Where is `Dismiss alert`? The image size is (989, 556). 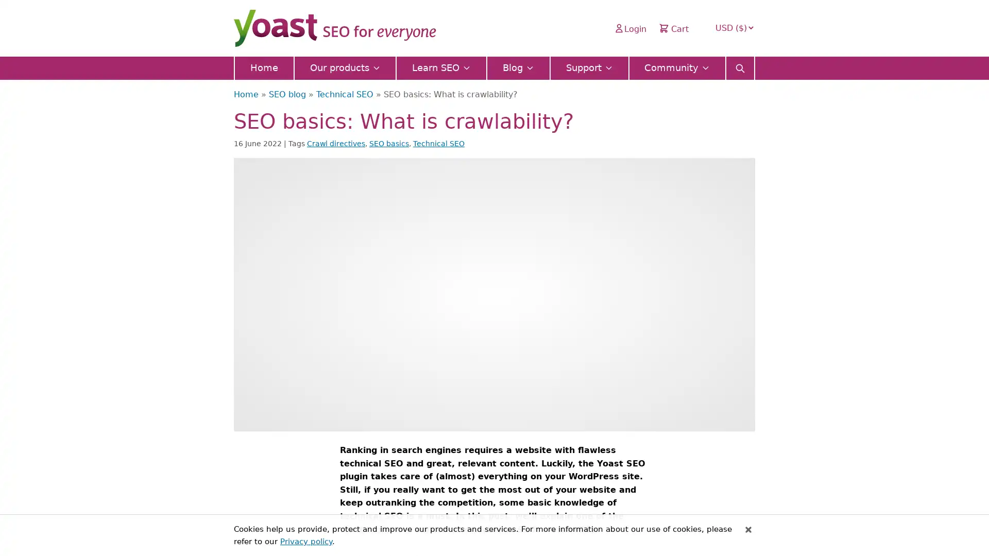
Dismiss alert is located at coordinates (748, 529).